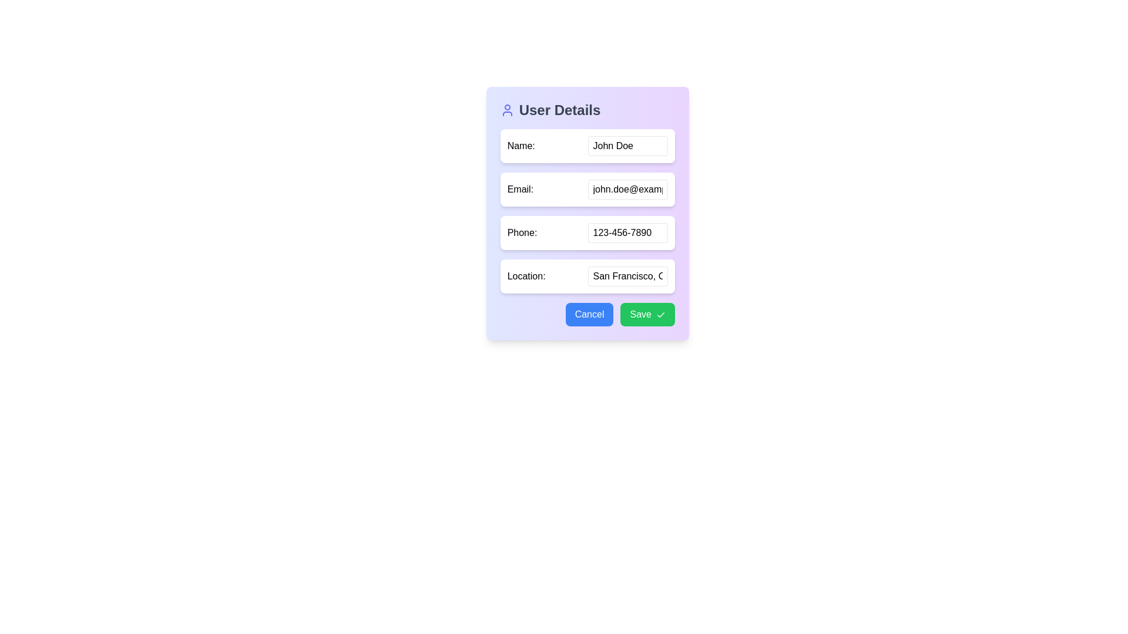  Describe the element at coordinates (627, 189) in the screenshot. I see `the email input field located in the center-right area of the form, positioned below the 'Name:' field and above the 'Phone:' field` at that location.